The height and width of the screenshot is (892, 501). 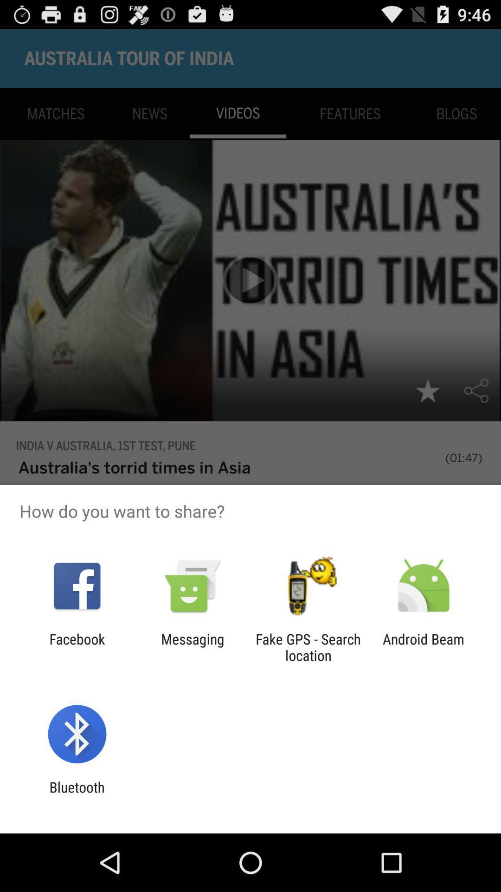 What do you see at coordinates (424, 647) in the screenshot?
I see `android beam` at bounding box center [424, 647].